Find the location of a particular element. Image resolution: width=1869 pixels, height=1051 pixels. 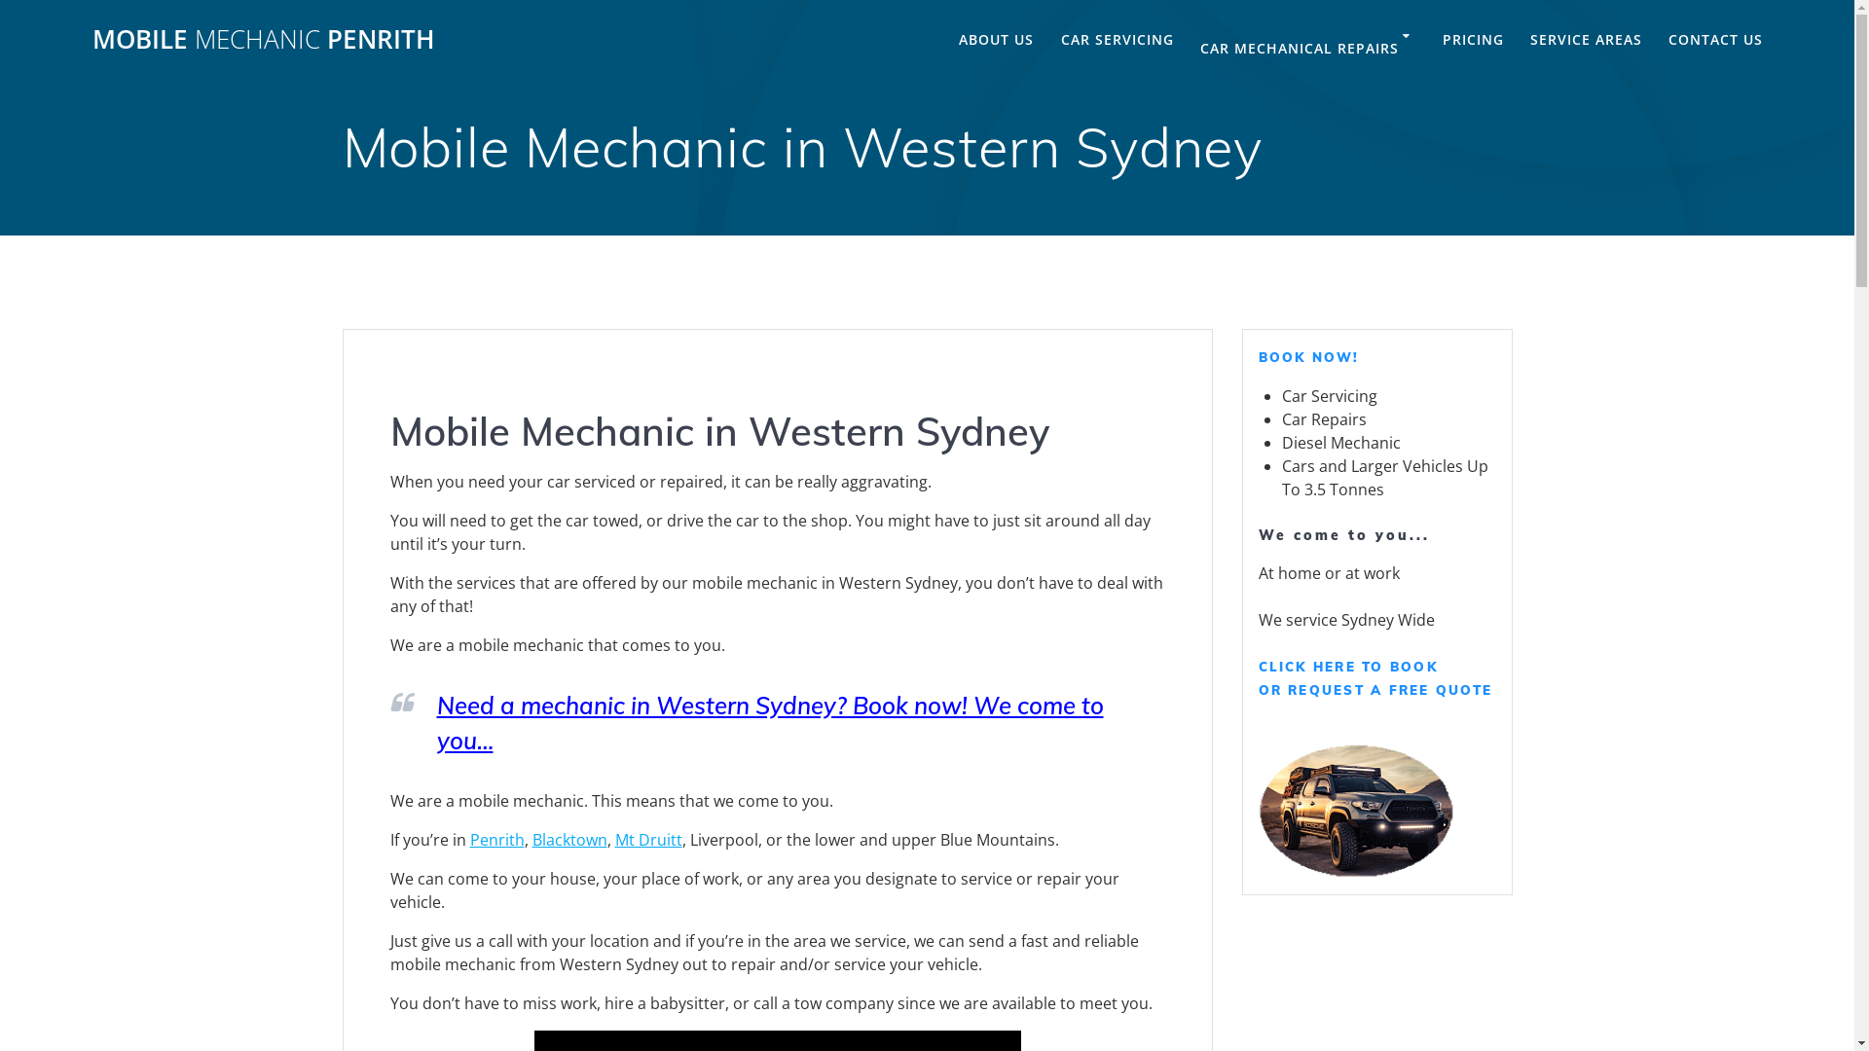

'Blacktown' is located at coordinates (568, 839).